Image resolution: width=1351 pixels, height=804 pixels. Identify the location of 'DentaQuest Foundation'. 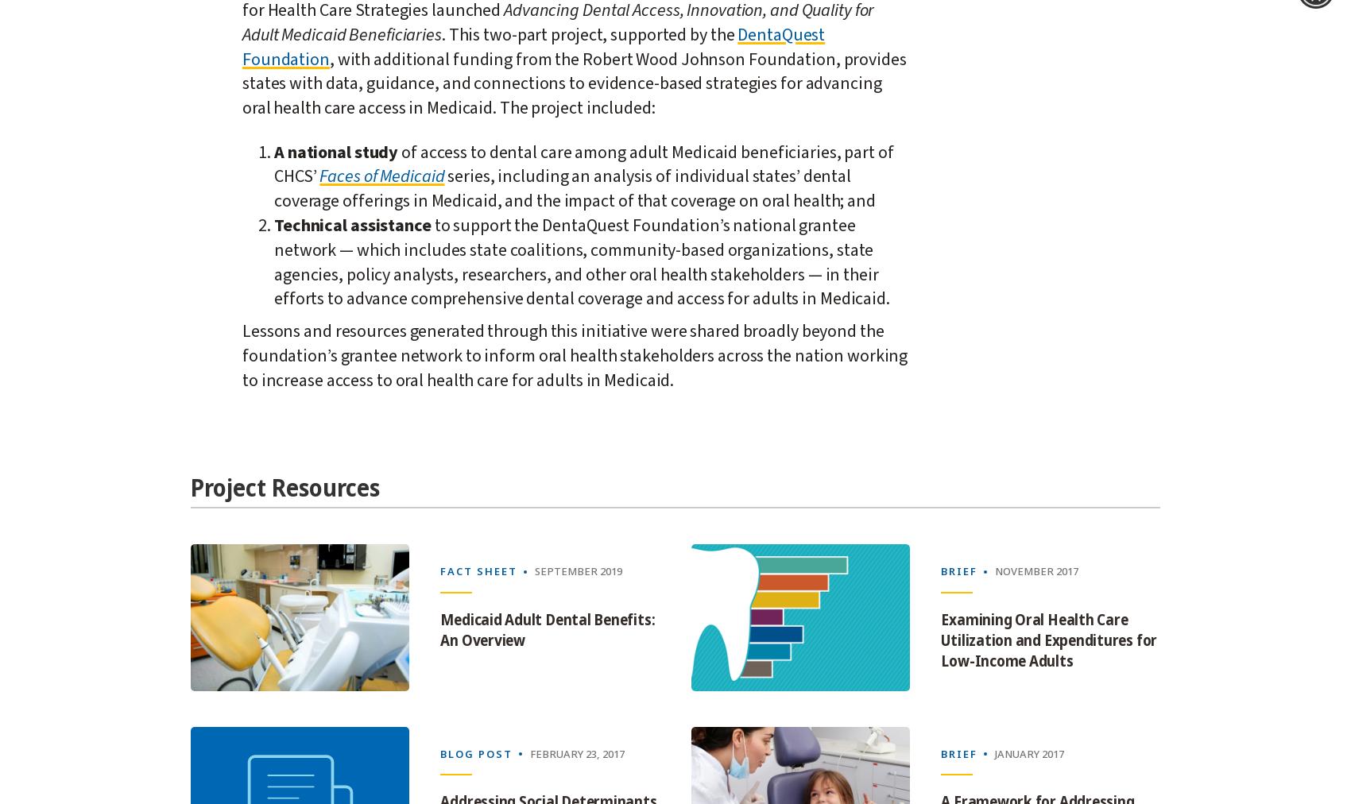
(533, 45).